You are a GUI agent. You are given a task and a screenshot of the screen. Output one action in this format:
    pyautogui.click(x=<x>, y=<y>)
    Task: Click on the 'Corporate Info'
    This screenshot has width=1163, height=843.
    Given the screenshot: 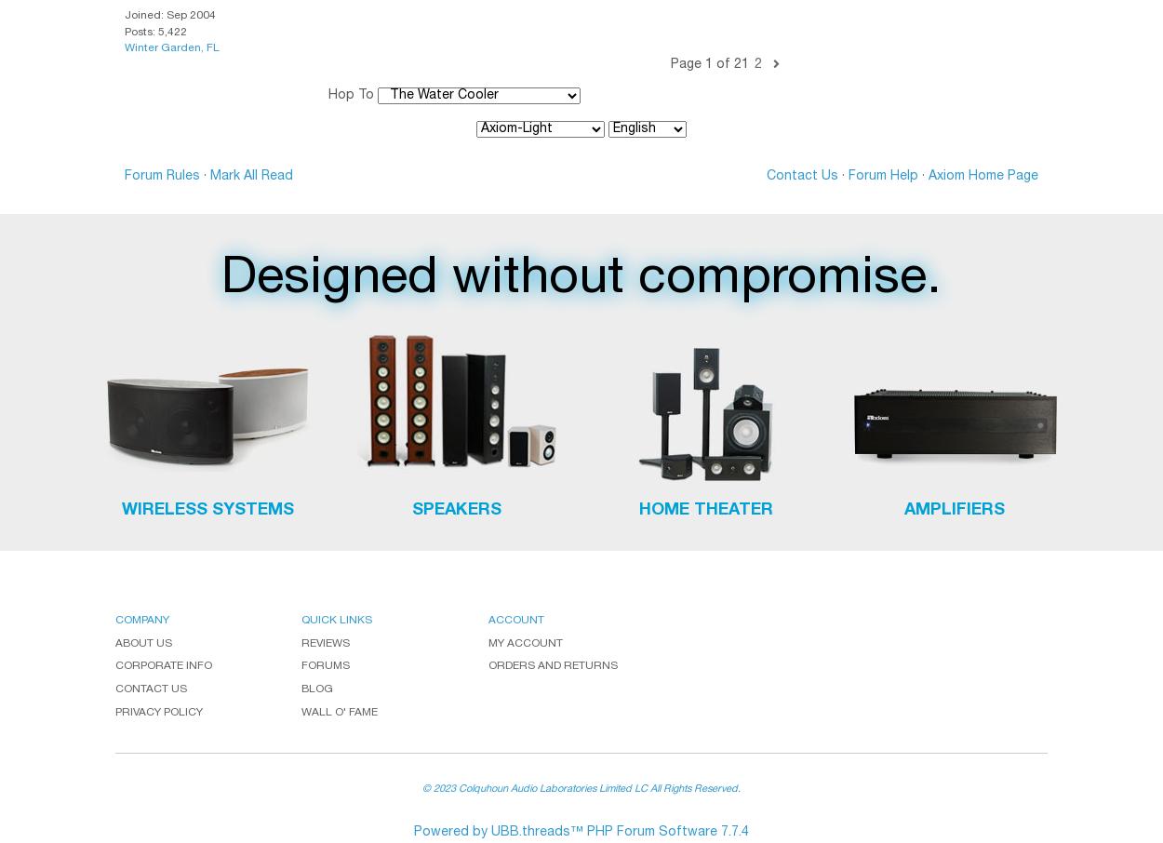 What is the action you would take?
    pyautogui.click(x=164, y=666)
    